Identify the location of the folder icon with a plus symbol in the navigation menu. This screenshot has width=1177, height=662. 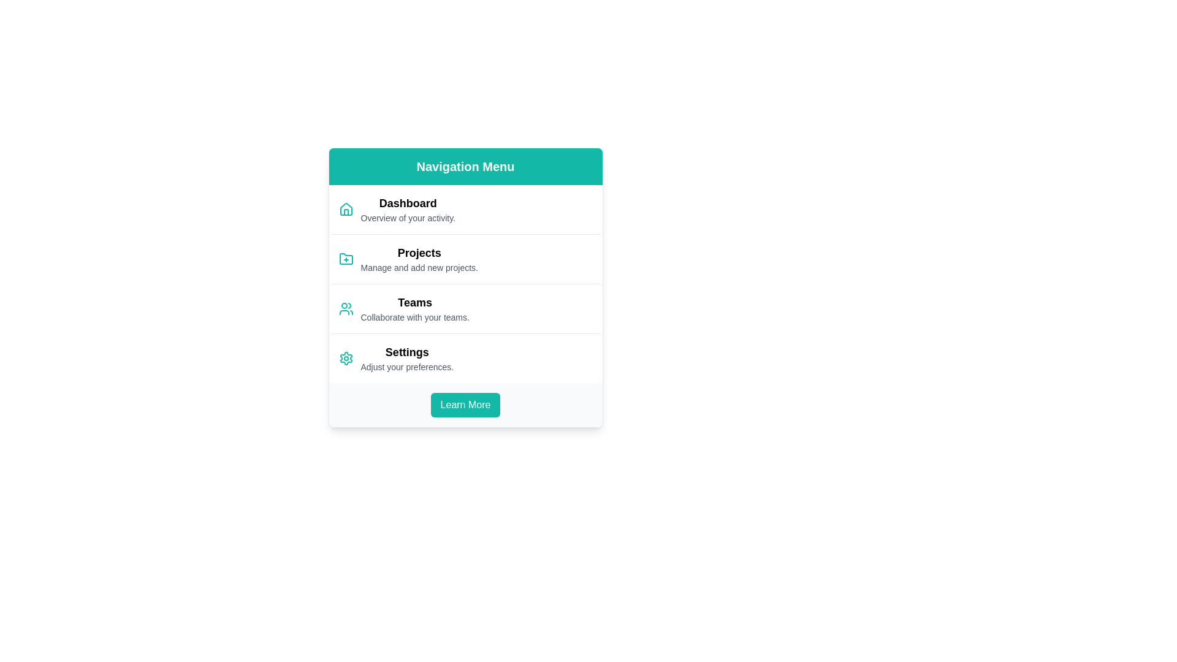
(345, 258).